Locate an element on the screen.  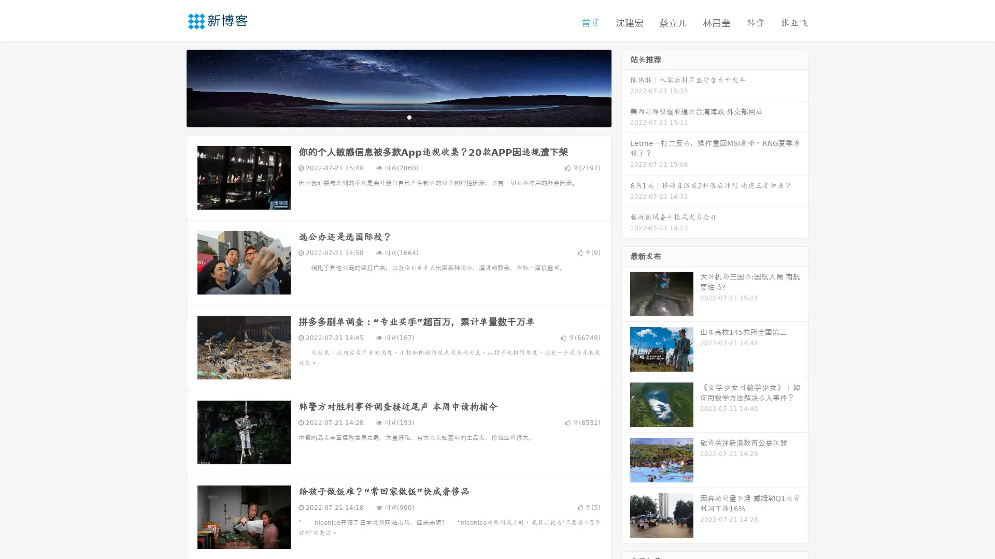
Previous slide is located at coordinates (171, 87).